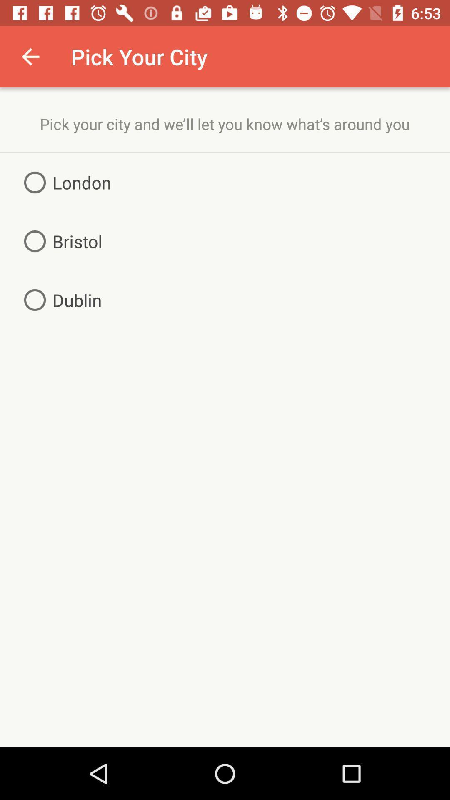 This screenshot has height=800, width=450. Describe the element at coordinates (59, 241) in the screenshot. I see `item above the dublin` at that location.